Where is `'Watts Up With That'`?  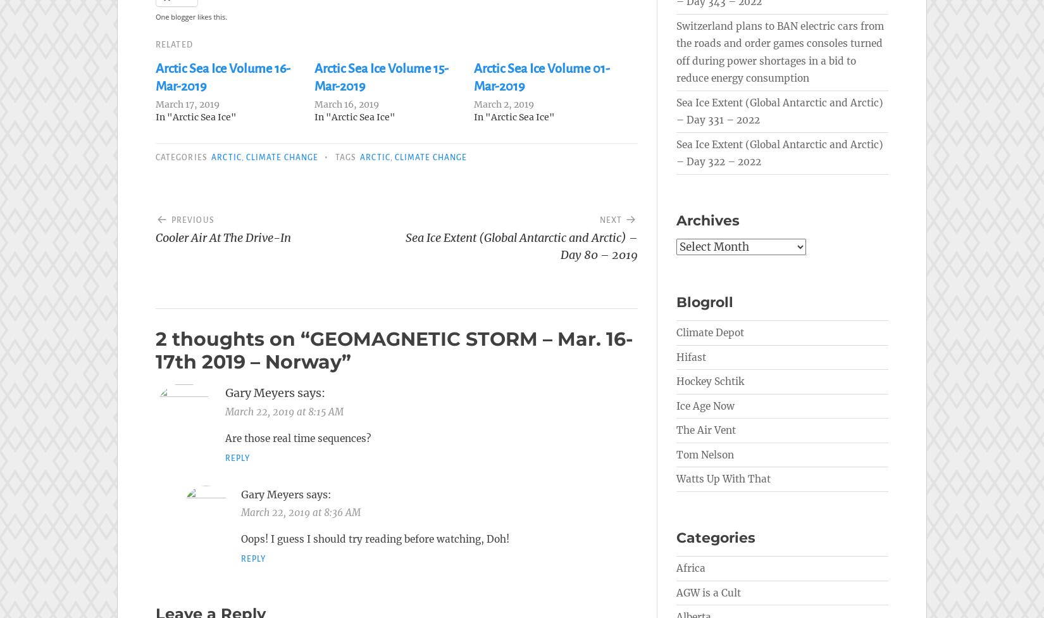 'Watts Up With That' is located at coordinates (676, 479).